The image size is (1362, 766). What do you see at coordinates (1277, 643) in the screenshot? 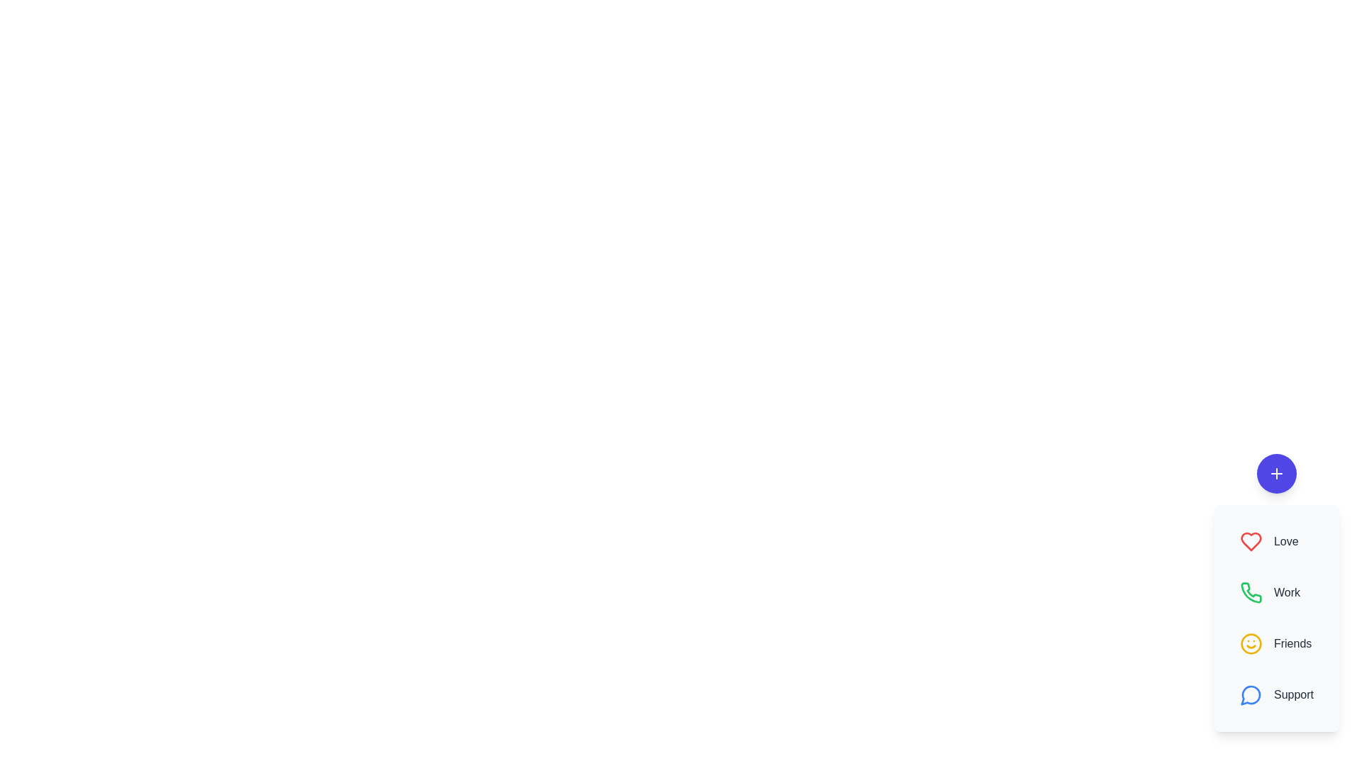
I see `the contact Friends from the speed dial menu` at bounding box center [1277, 643].